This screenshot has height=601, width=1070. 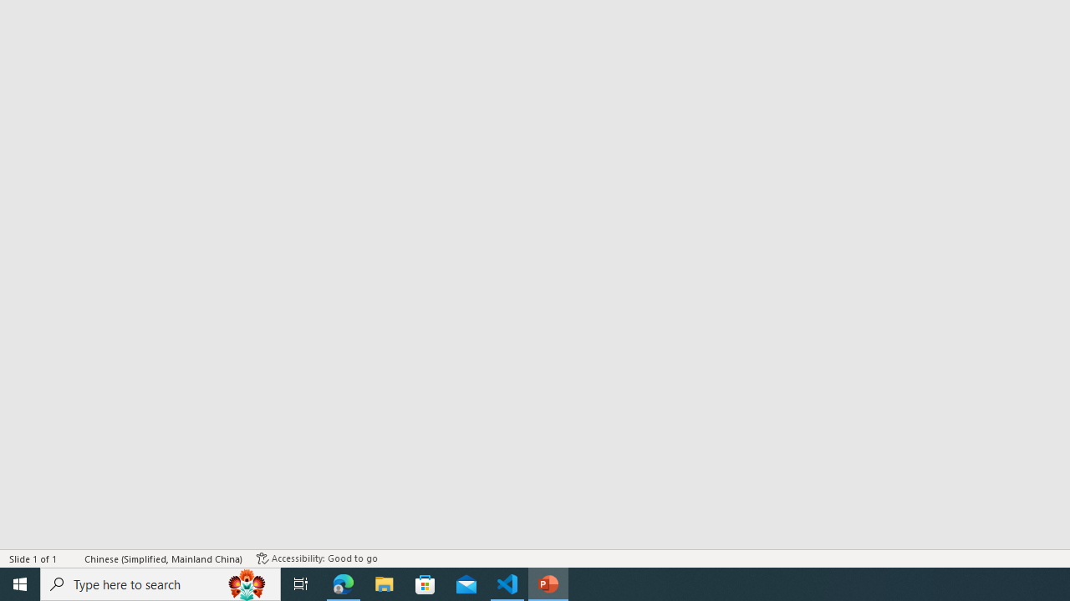 I want to click on 'Task View', so click(x=300, y=583).